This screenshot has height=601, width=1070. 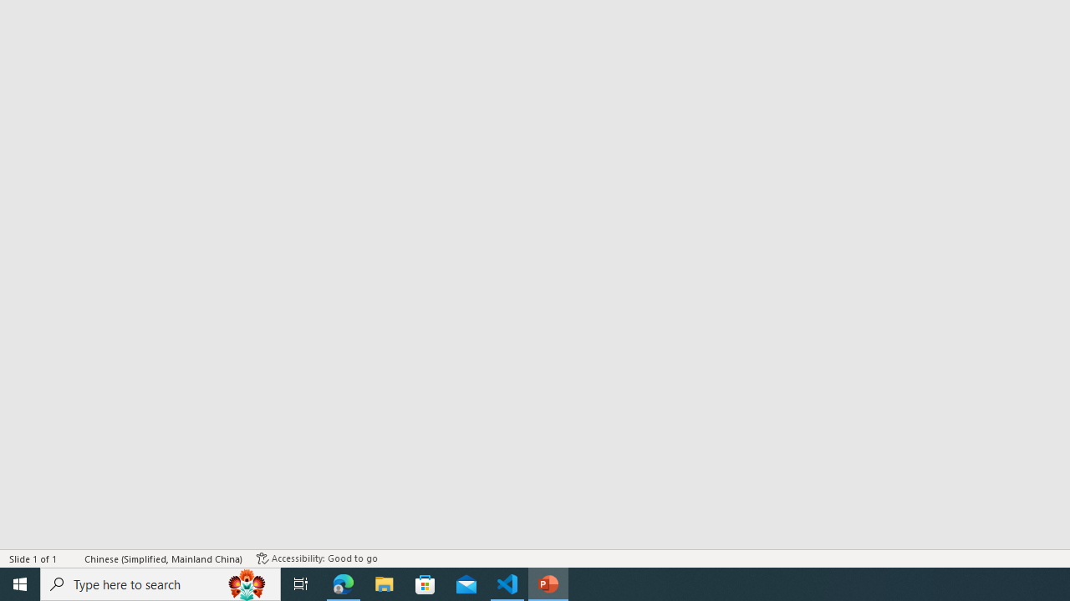 I want to click on 'Task View', so click(x=300, y=583).